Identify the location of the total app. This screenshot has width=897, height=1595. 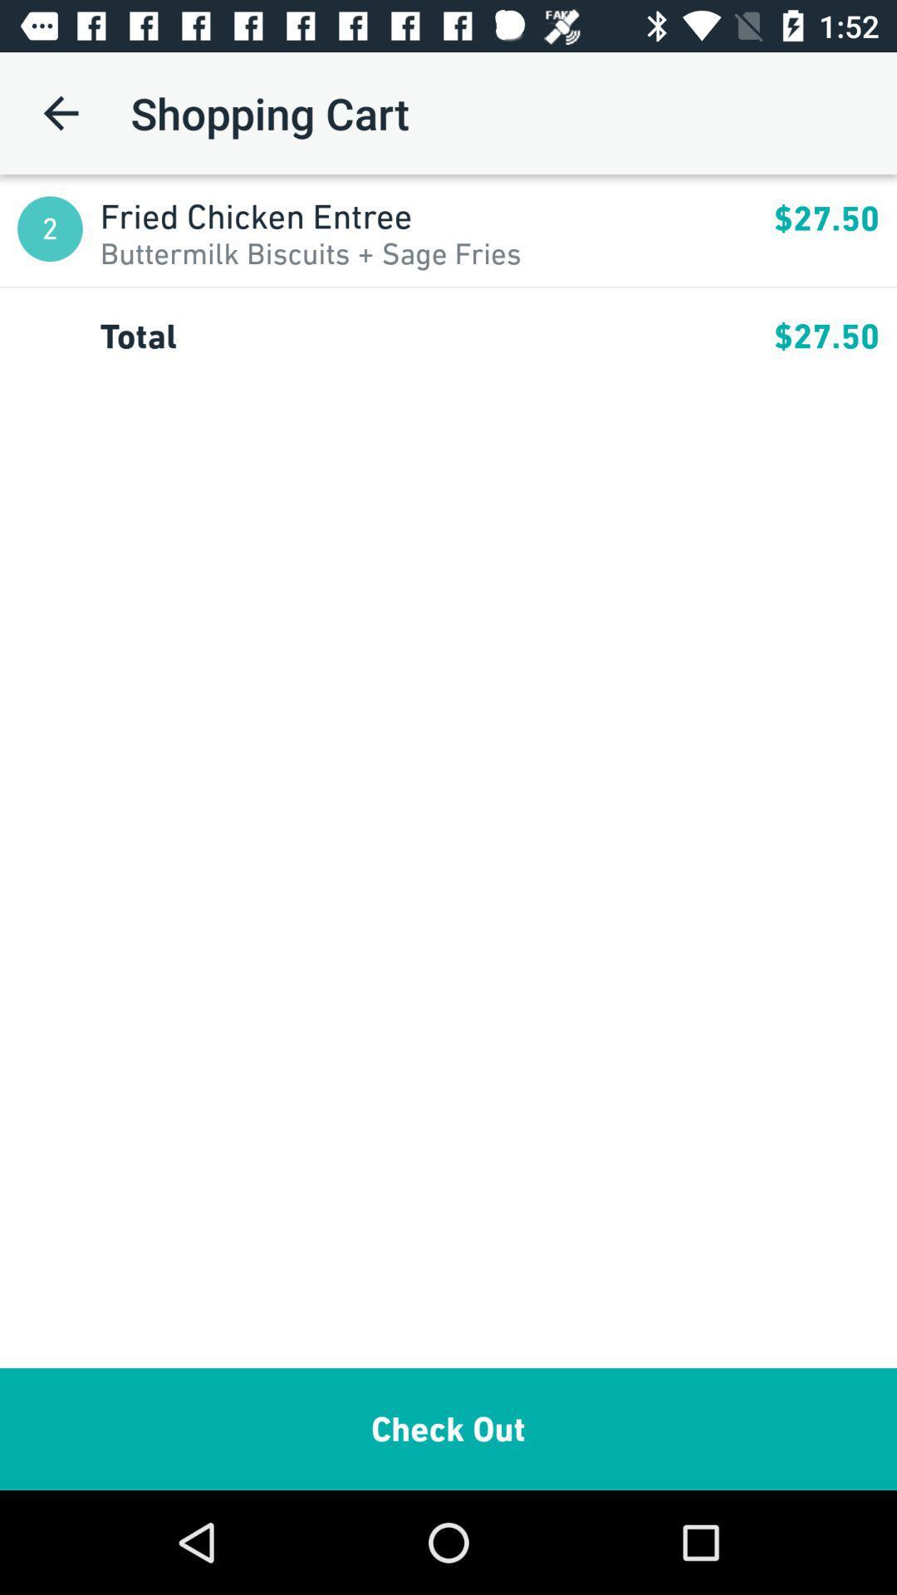
(436, 335).